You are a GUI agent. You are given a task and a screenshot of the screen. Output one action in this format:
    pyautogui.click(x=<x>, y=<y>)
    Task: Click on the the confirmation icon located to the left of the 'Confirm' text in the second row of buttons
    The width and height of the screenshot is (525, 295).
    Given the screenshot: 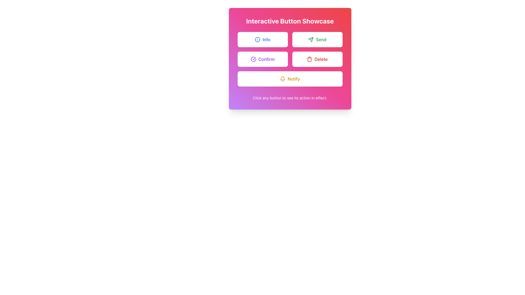 What is the action you would take?
    pyautogui.click(x=253, y=59)
    